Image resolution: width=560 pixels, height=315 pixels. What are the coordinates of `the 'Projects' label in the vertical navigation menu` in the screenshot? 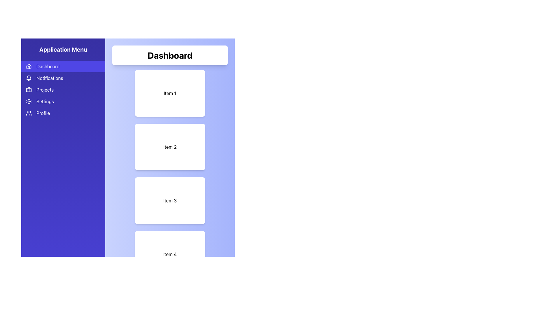 It's located at (45, 90).